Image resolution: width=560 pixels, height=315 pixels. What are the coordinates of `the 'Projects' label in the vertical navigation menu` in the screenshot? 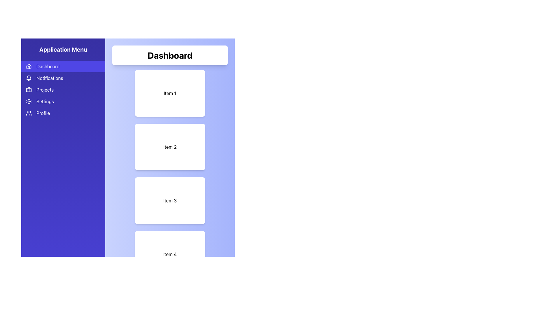 It's located at (45, 90).